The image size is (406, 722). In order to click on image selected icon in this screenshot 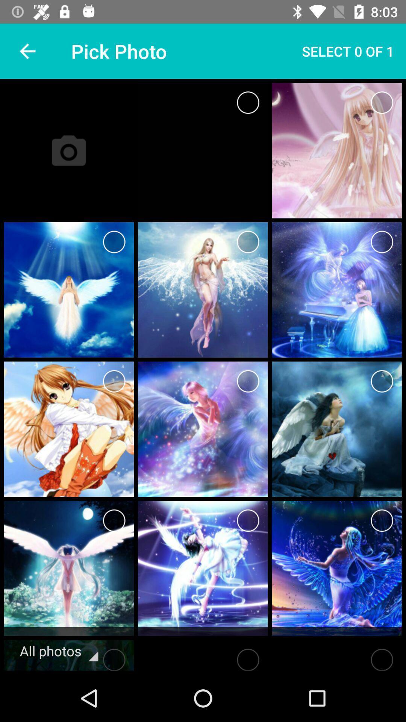, I will do `click(248, 520)`.